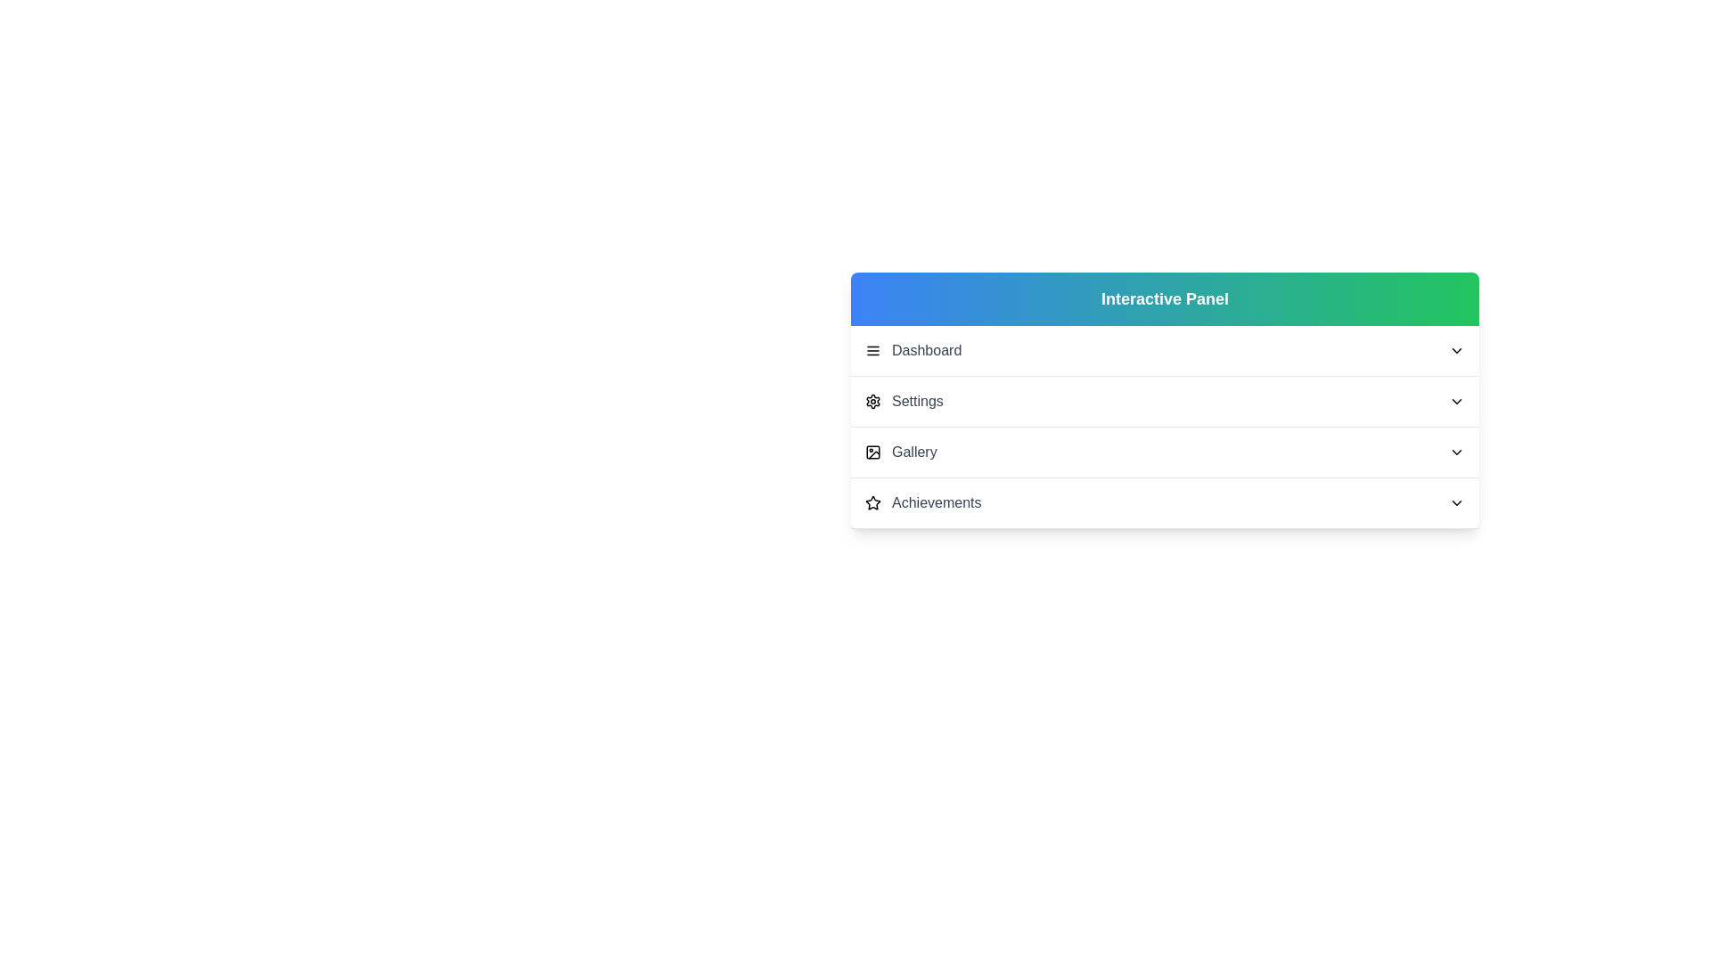 This screenshot has height=962, width=1711. I want to click on the cogwheel icon representing settings functionality, which is located immediately to the left of the 'Settings' text in the second row of the 'Interactive Panel', so click(872, 402).